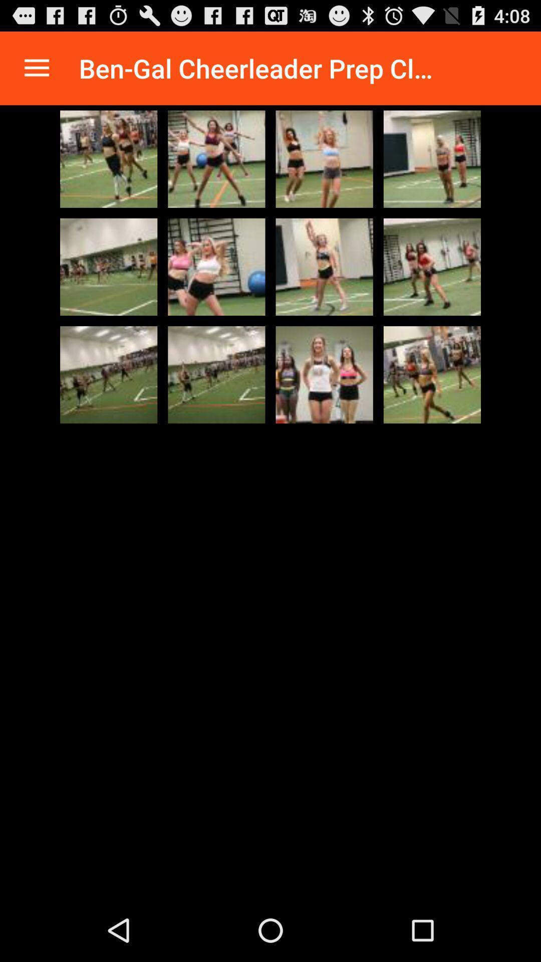 The height and width of the screenshot is (962, 541). Describe the element at coordinates (36, 68) in the screenshot. I see `the app to the left of ben gal cheerleader app` at that location.